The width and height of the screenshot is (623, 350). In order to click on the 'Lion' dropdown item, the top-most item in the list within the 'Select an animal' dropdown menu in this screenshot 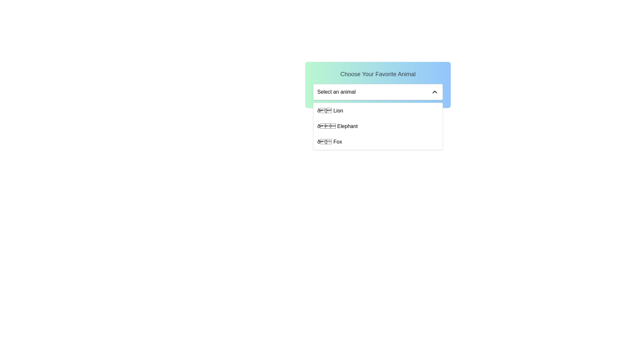, I will do `click(378, 111)`.